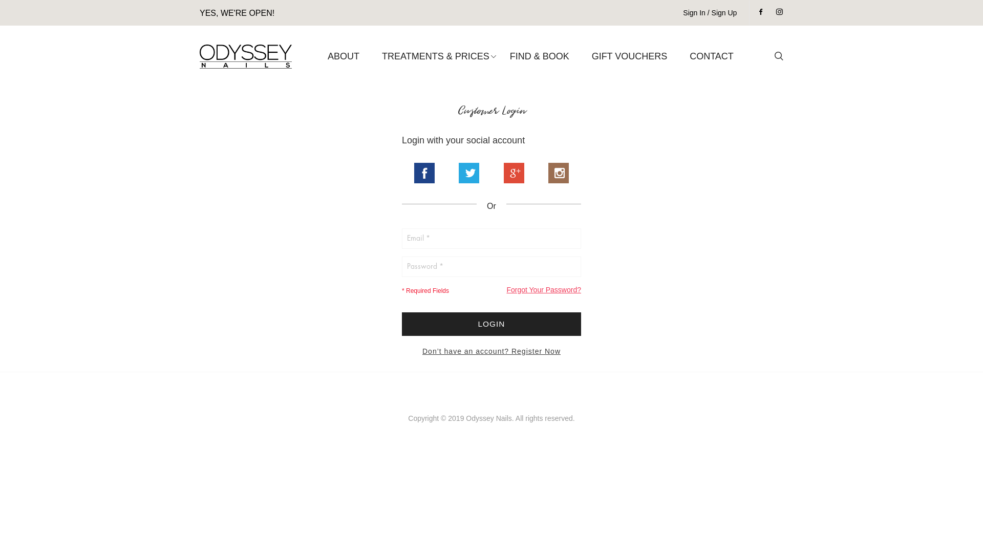 The width and height of the screenshot is (983, 553). What do you see at coordinates (435, 56) in the screenshot?
I see `'TREATMENTS & PRICES'` at bounding box center [435, 56].